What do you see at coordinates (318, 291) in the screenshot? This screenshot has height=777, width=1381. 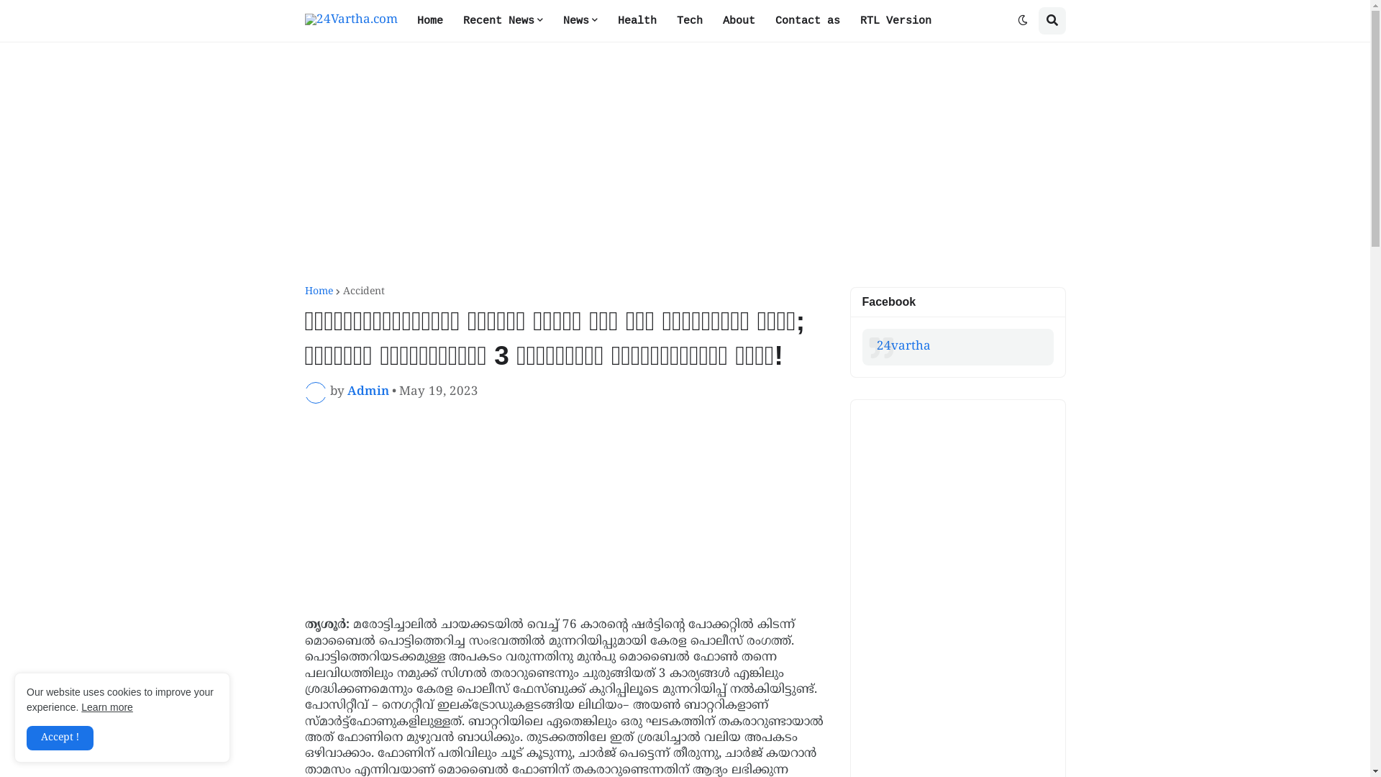 I see `'Home'` at bounding box center [318, 291].